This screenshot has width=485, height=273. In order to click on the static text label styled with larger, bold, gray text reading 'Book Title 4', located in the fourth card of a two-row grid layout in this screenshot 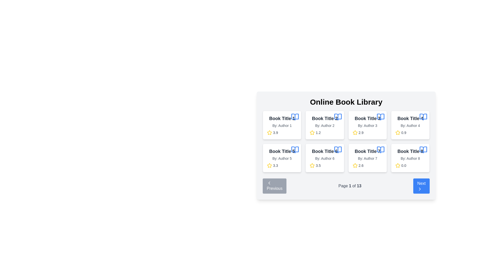, I will do `click(410, 119)`.